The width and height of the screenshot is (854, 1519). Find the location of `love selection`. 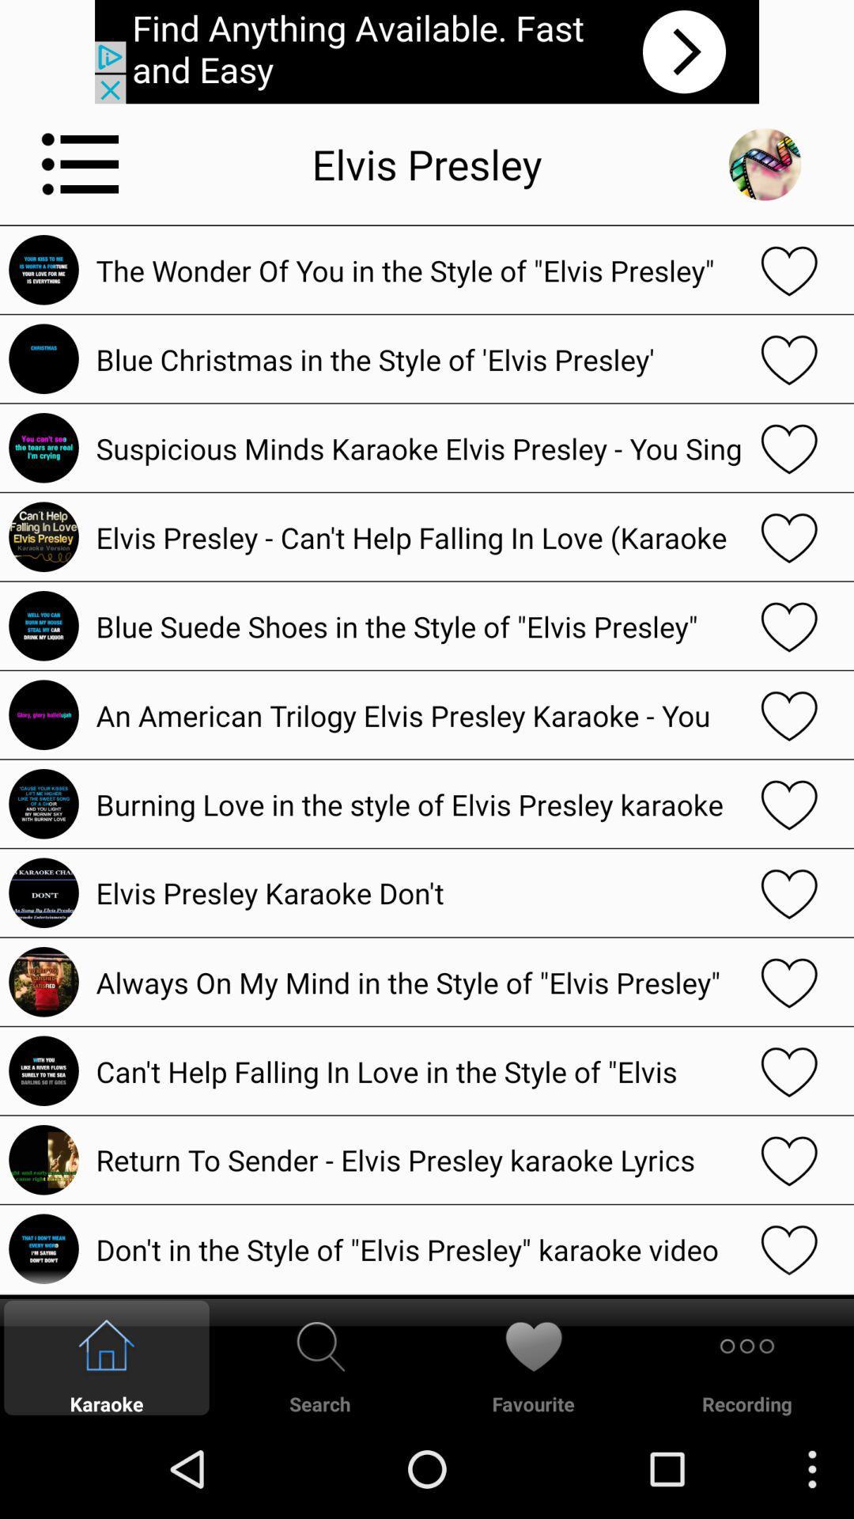

love selection is located at coordinates (789, 714).